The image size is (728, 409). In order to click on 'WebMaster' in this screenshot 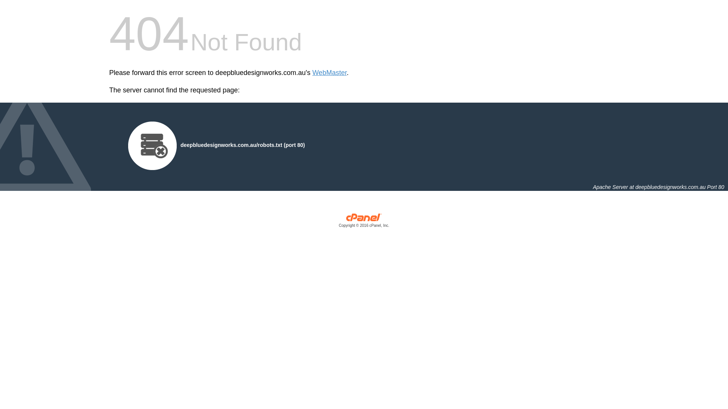, I will do `click(312, 73)`.